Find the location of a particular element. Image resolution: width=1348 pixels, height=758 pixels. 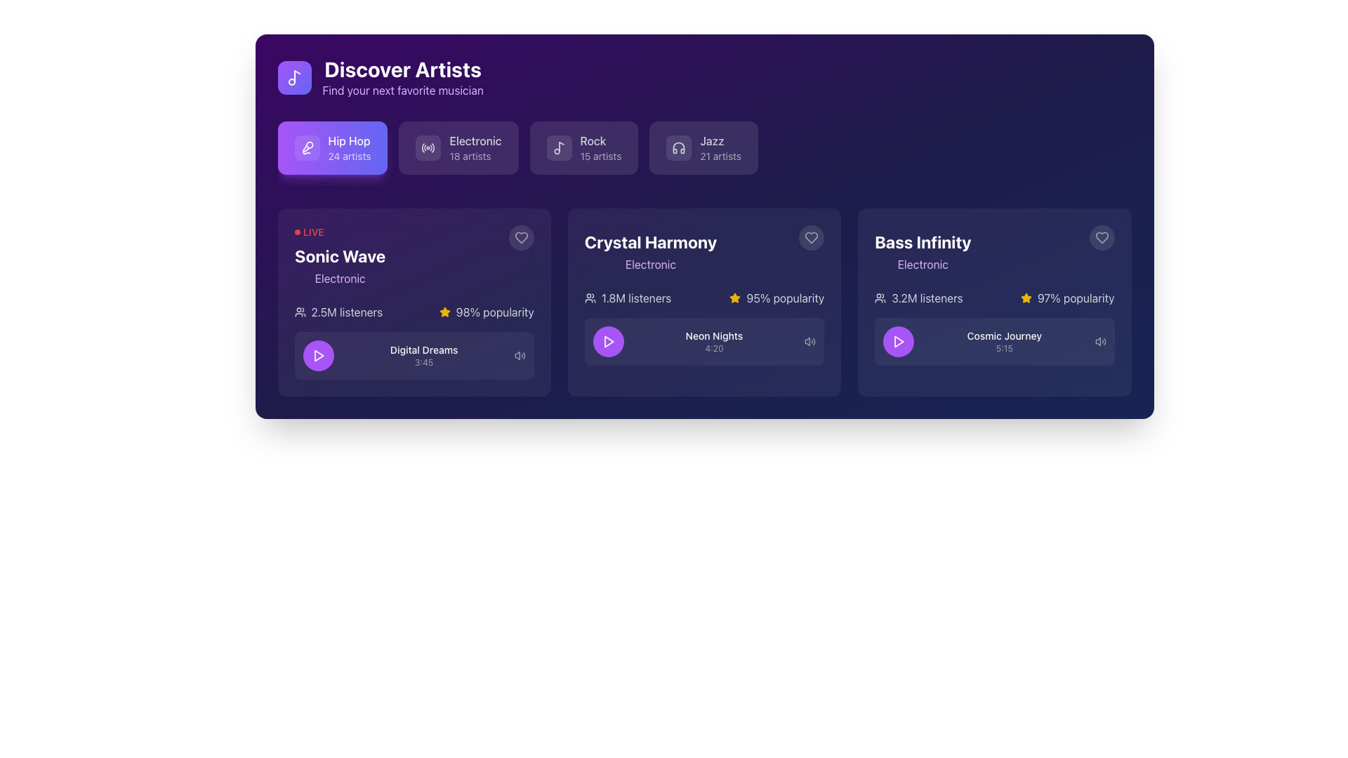

the favorite button represented by a hollow heart icon in the top-right corner of the 'Crystal Harmony' music card is located at coordinates (812, 237).